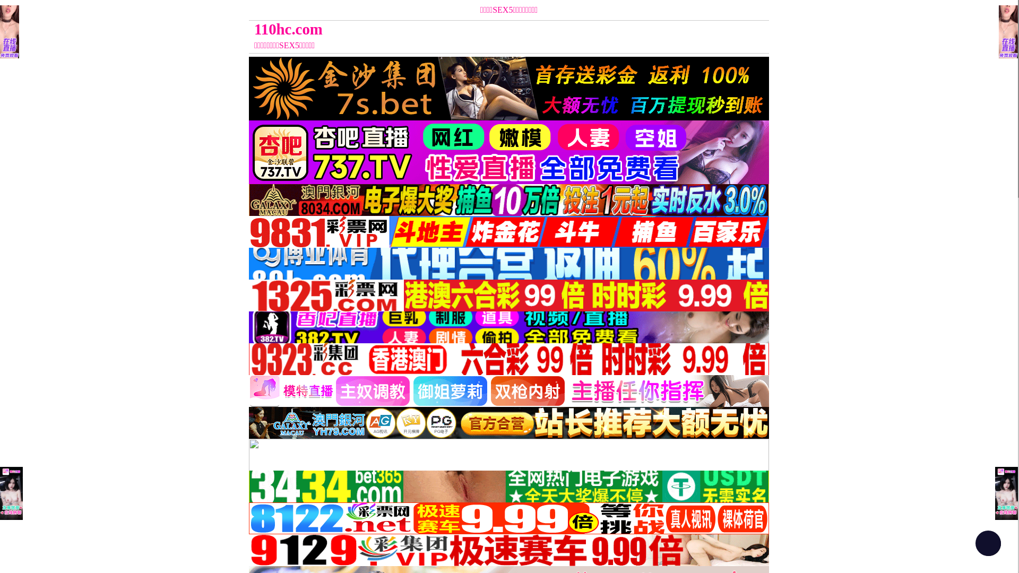 The width and height of the screenshot is (1019, 573). Describe the element at coordinates (444, 29) in the screenshot. I see `'110hc.com'` at that location.